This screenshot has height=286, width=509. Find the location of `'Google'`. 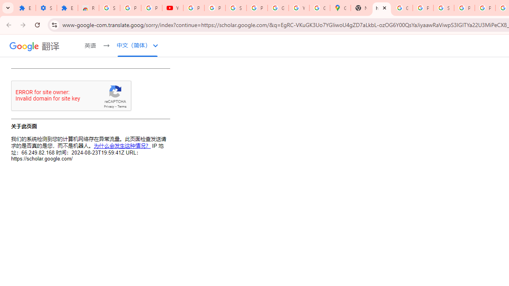

'Google' is located at coordinates (24, 46).